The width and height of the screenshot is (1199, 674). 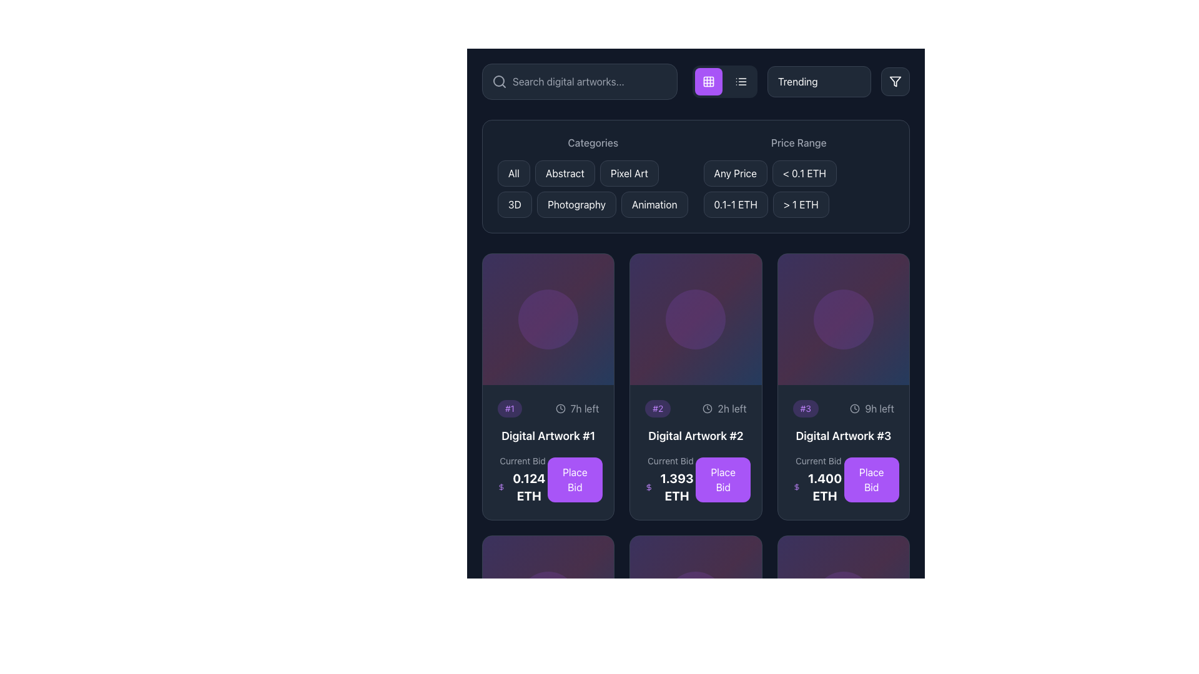 I want to click on the decorative graphic element located above the 'Place Bid' button in the second card titled 'Digital Artwork #2', so click(x=695, y=319).